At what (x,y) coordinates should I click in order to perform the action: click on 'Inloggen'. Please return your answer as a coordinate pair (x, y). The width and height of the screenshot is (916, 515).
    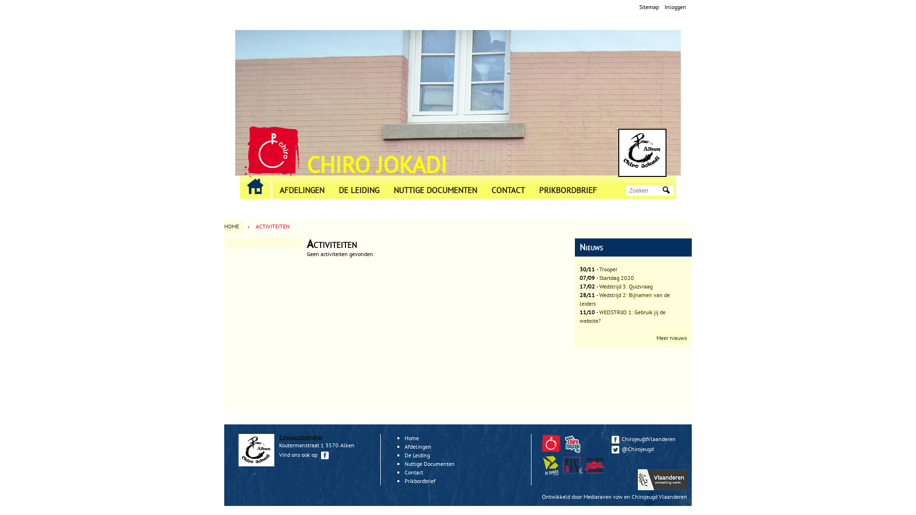
    Looking at the image, I should click on (675, 7).